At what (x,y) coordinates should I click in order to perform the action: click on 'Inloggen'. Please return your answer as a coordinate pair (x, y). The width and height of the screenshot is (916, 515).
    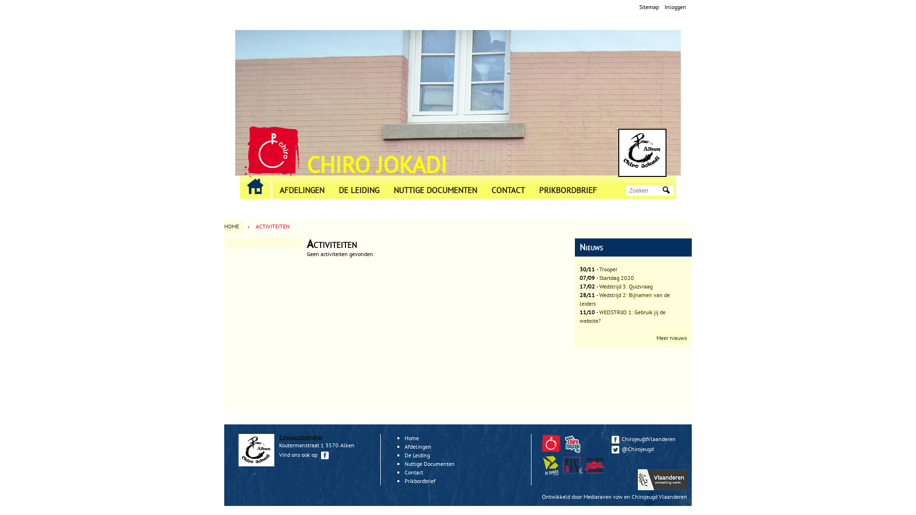
    Looking at the image, I should click on (675, 7).